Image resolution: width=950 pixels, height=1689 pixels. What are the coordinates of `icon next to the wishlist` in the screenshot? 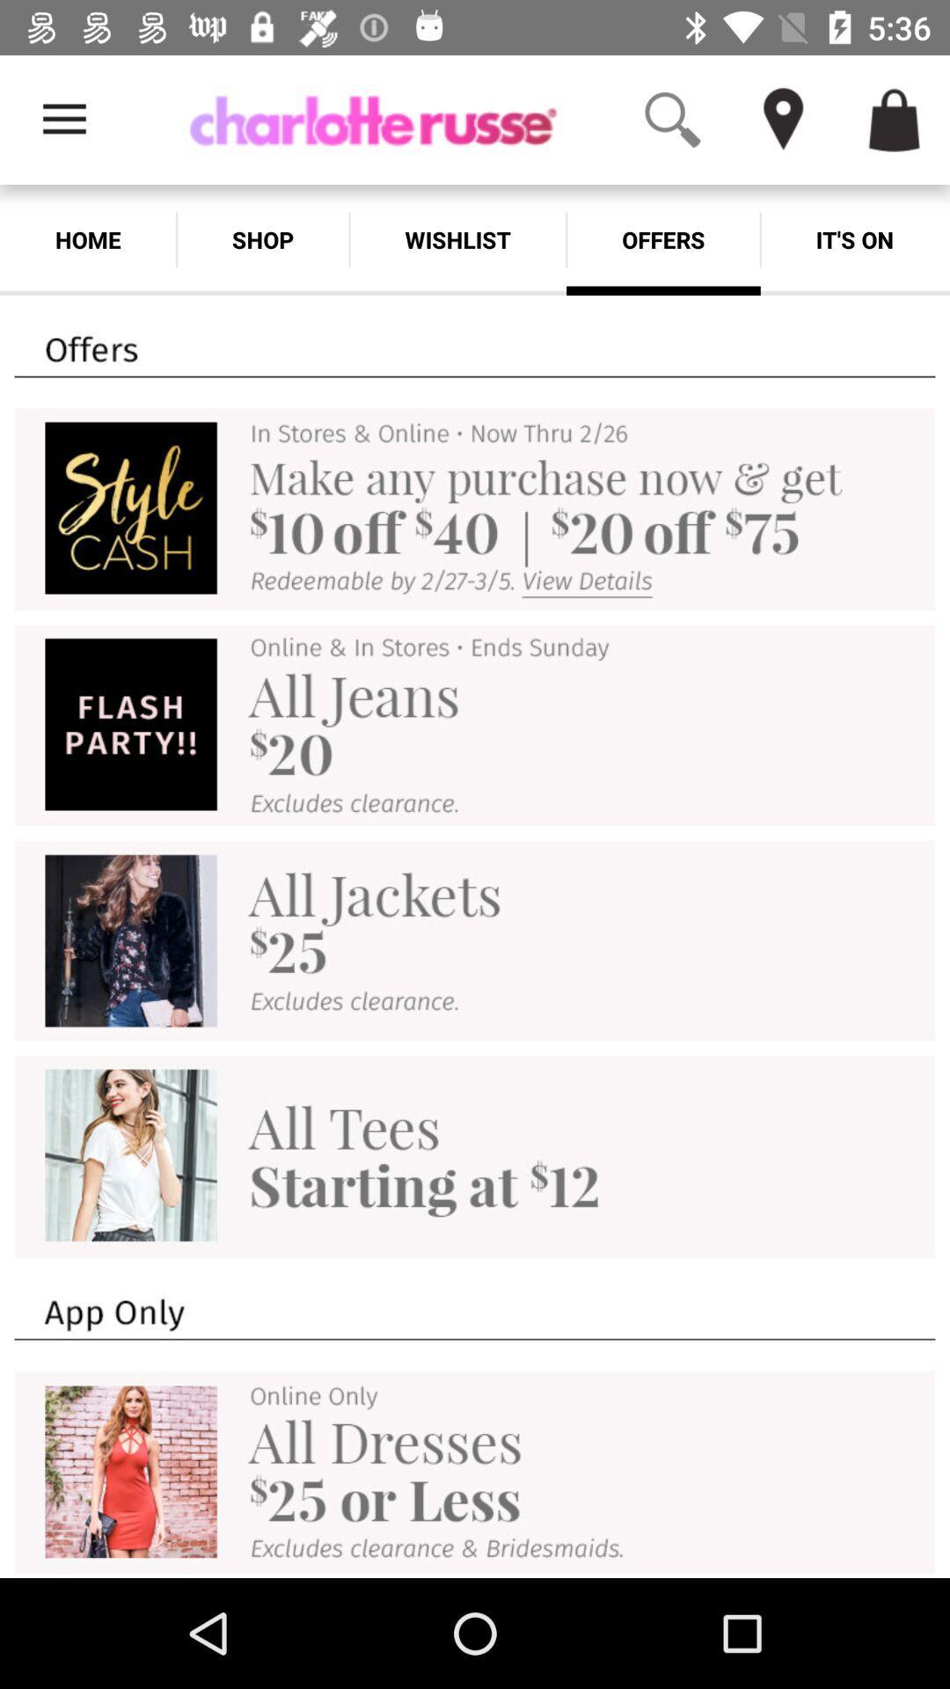 It's located at (263, 239).